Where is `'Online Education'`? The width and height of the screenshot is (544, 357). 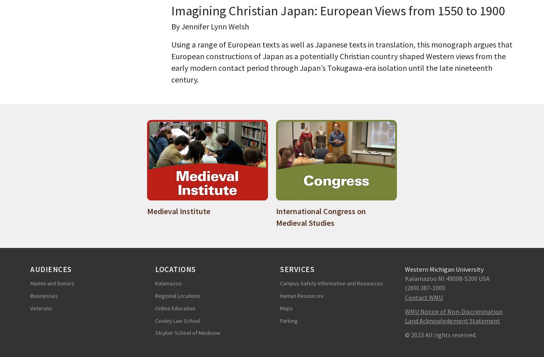
'Online Education' is located at coordinates (155, 307).